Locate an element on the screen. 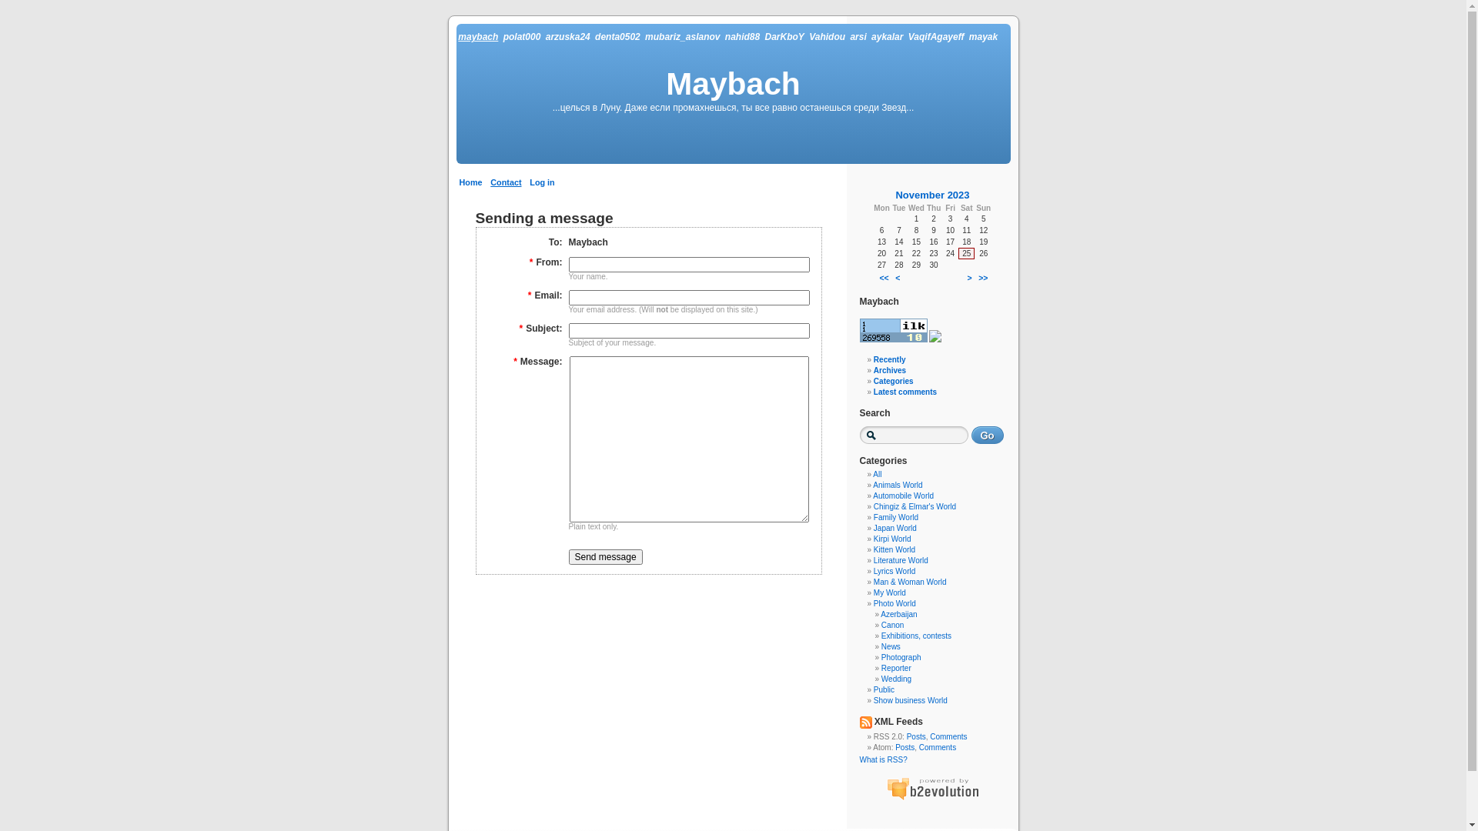 This screenshot has width=1478, height=831. 'Kirpi World' is located at coordinates (892, 538).